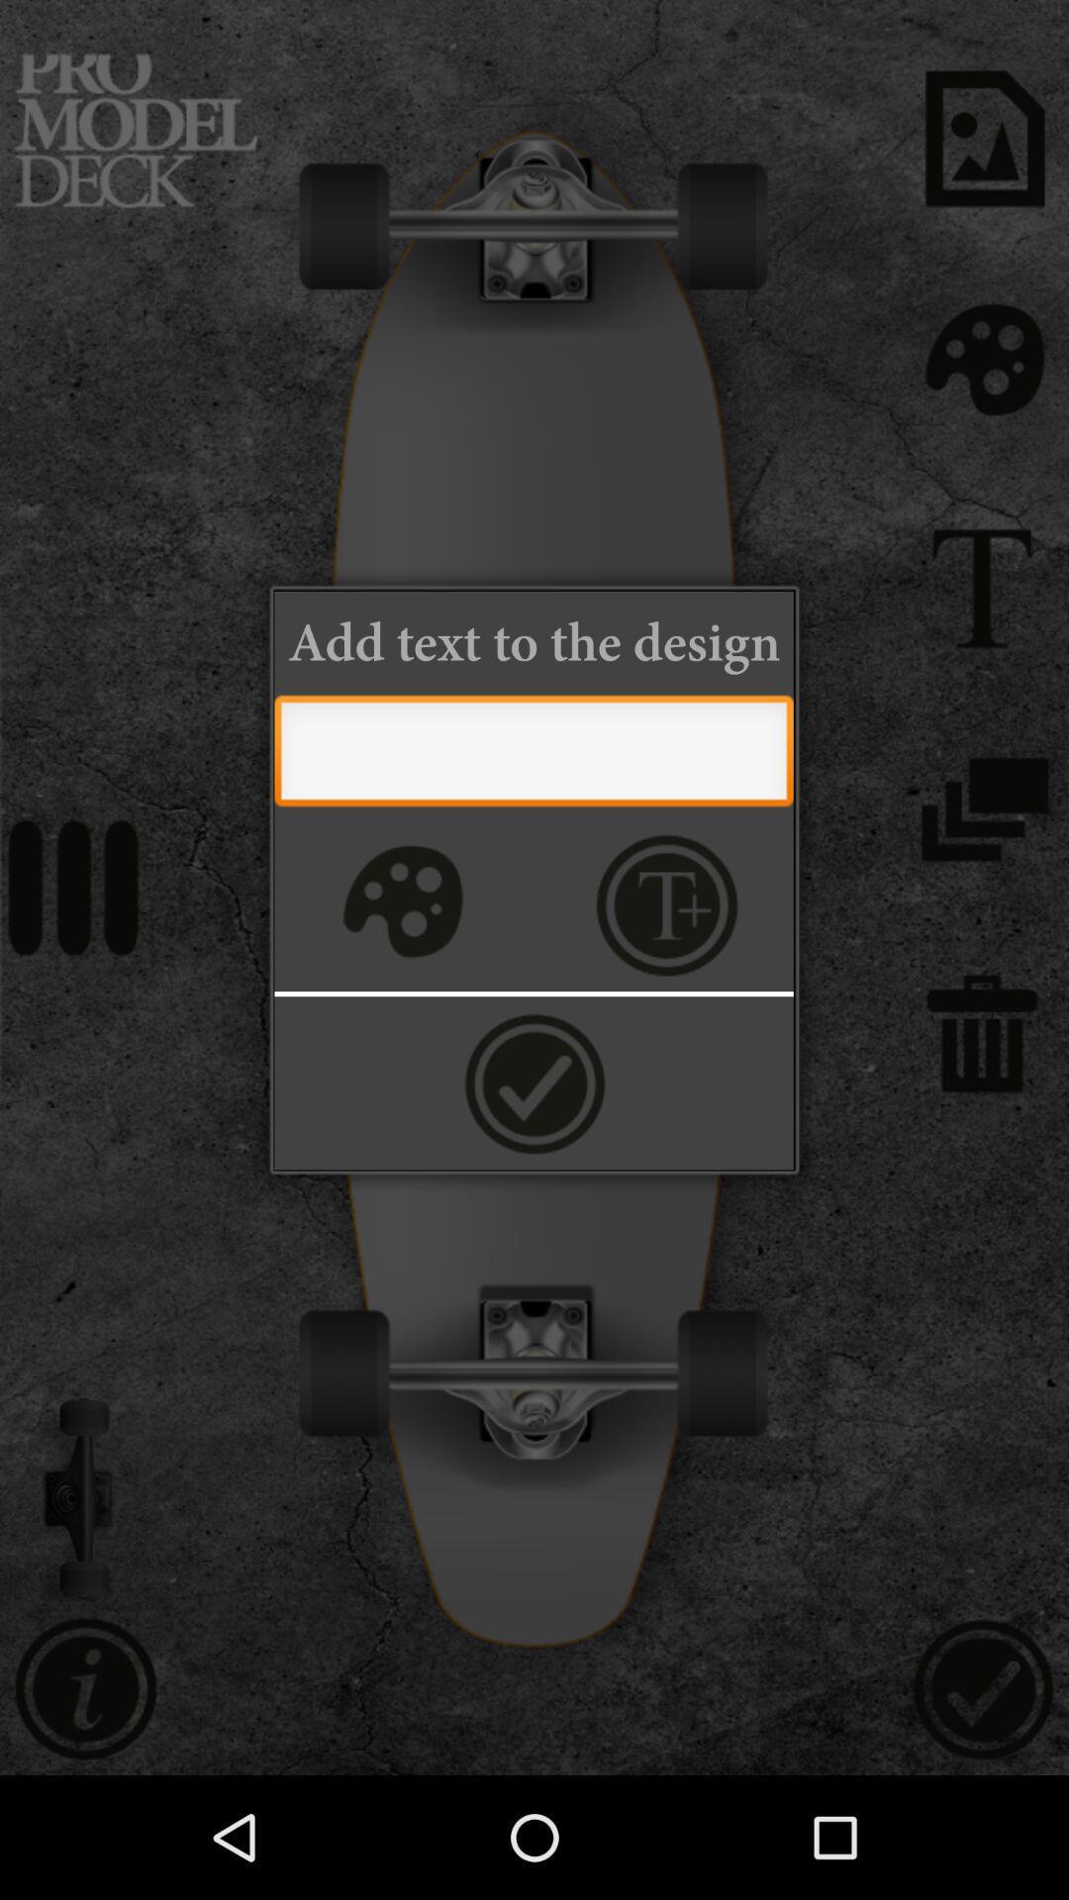 Image resolution: width=1069 pixels, height=1900 pixels. What do you see at coordinates (667, 903) in the screenshot?
I see `change font` at bounding box center [667, 903].